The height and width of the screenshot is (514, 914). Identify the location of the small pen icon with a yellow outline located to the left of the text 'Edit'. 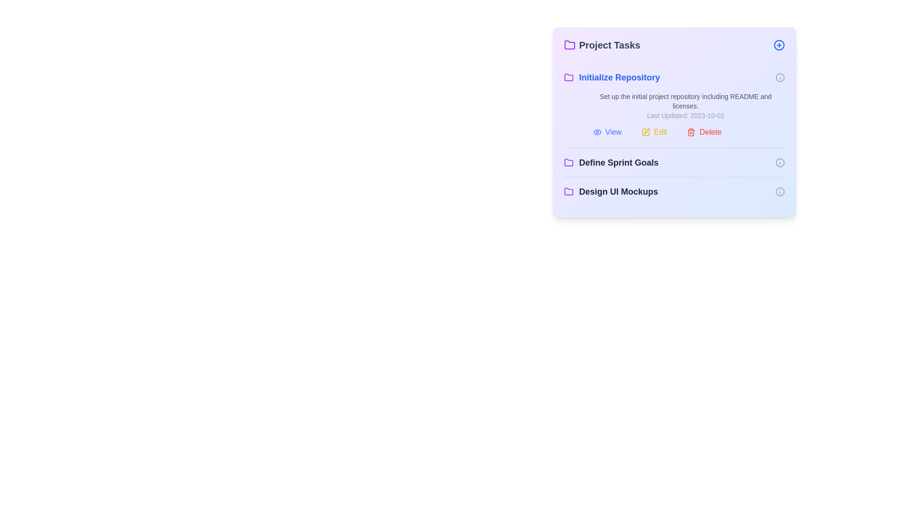
(646, 132).